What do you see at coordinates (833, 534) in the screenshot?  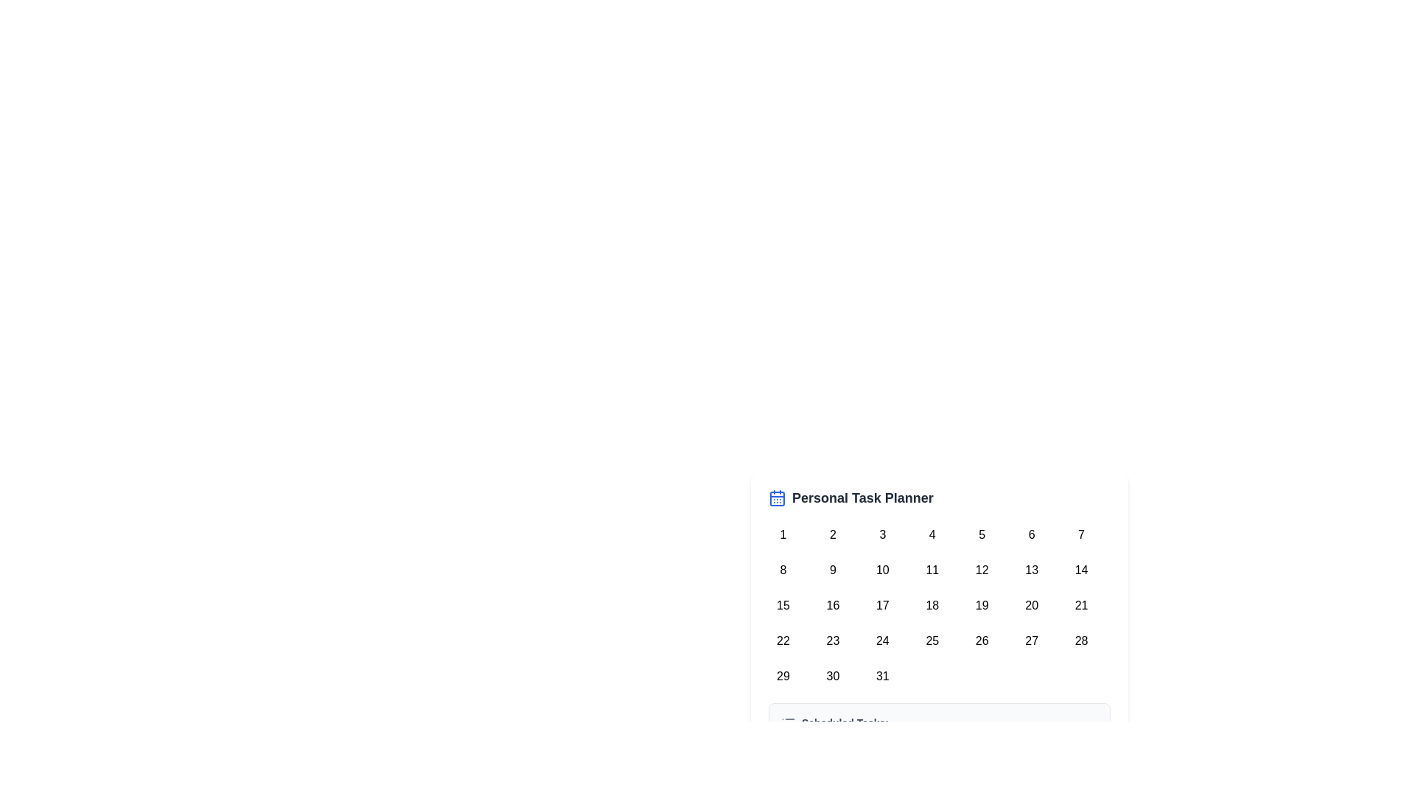 I see `the button representing the second day of the month in the calendar view, located in the first row of a 7-column grid under the 'Personal Task Planner' title` at bounding box center [833, 534].